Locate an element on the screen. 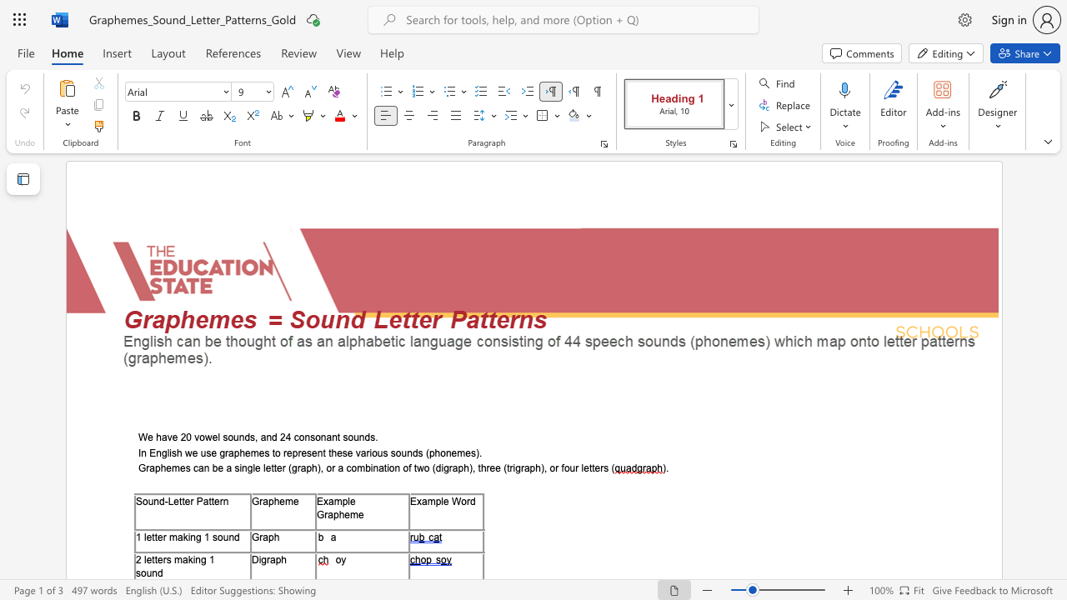 The width and height of the screenshot is (1067, 600). the subset text "gra" within the text "Digraph" is located at coordinates (260, 559).